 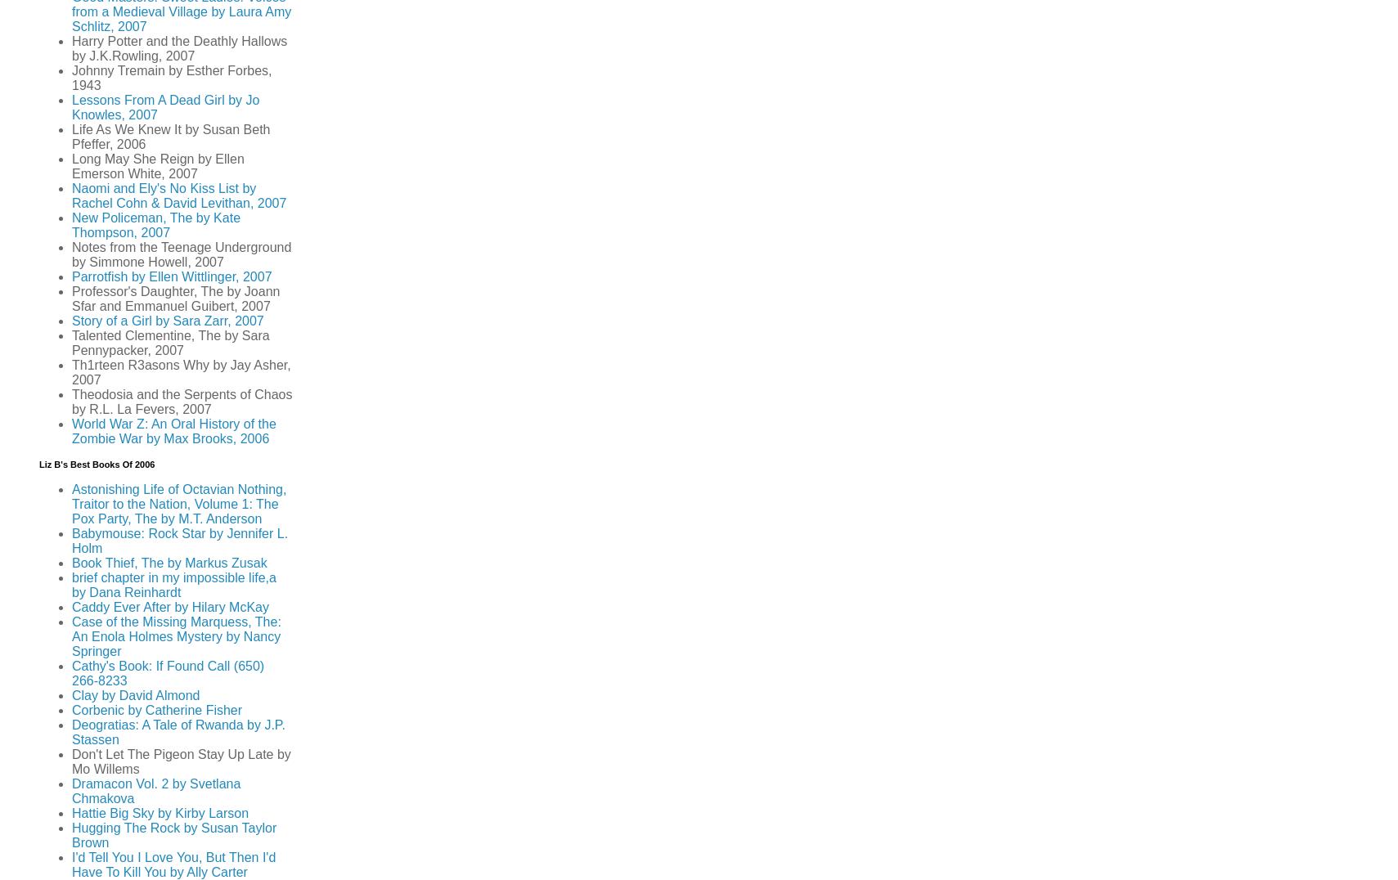 What do you see at coordinates (71, 195) in the screenshot?
I see `'Naomi and Ely's No Kiss List by Rachel Cohn & David Levithan, 2007'` at bounding box center [71, 195].